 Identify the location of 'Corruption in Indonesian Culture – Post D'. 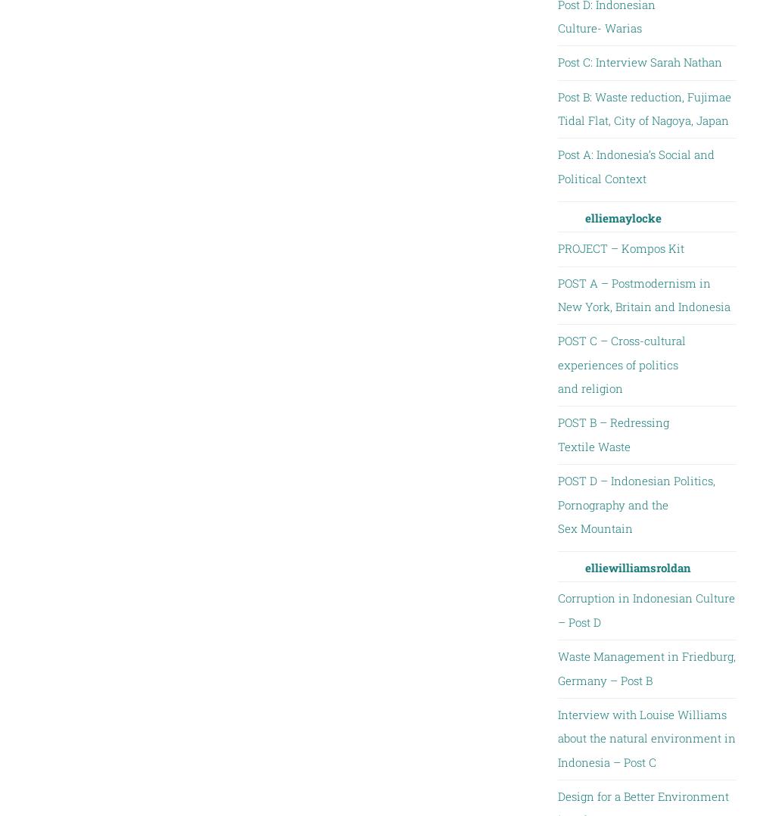
(645, 609).